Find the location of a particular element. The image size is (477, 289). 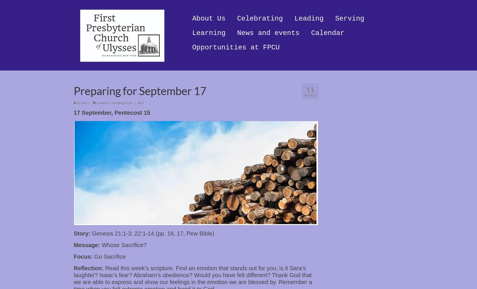

'posted in:' is located at coordinates (104, 102).